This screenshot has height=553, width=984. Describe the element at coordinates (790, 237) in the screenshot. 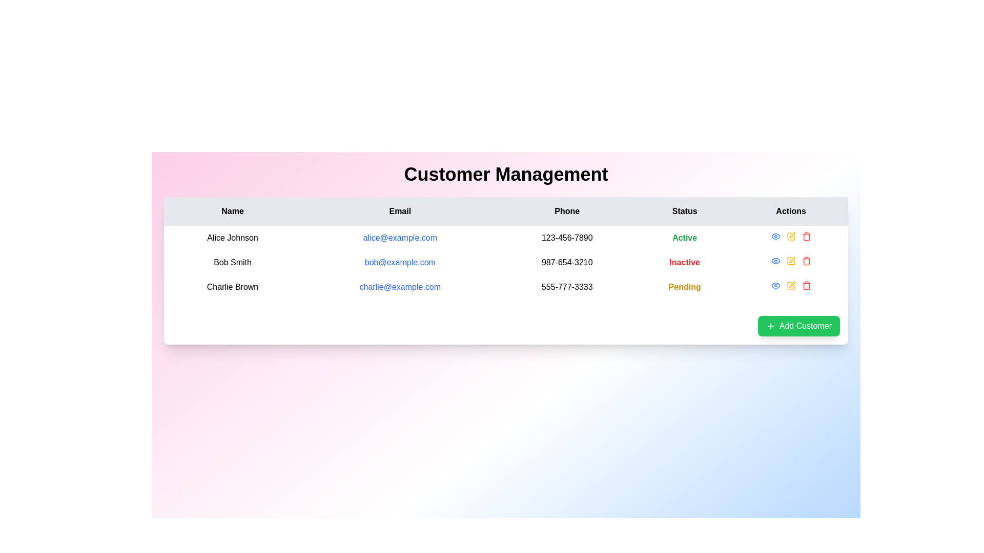

I see `the edit icon represented by a yellow pen on a square background in the 'Actions' column of the table, specifically the second icon for the user 'Bob Smith', to initiate editing` at that location.